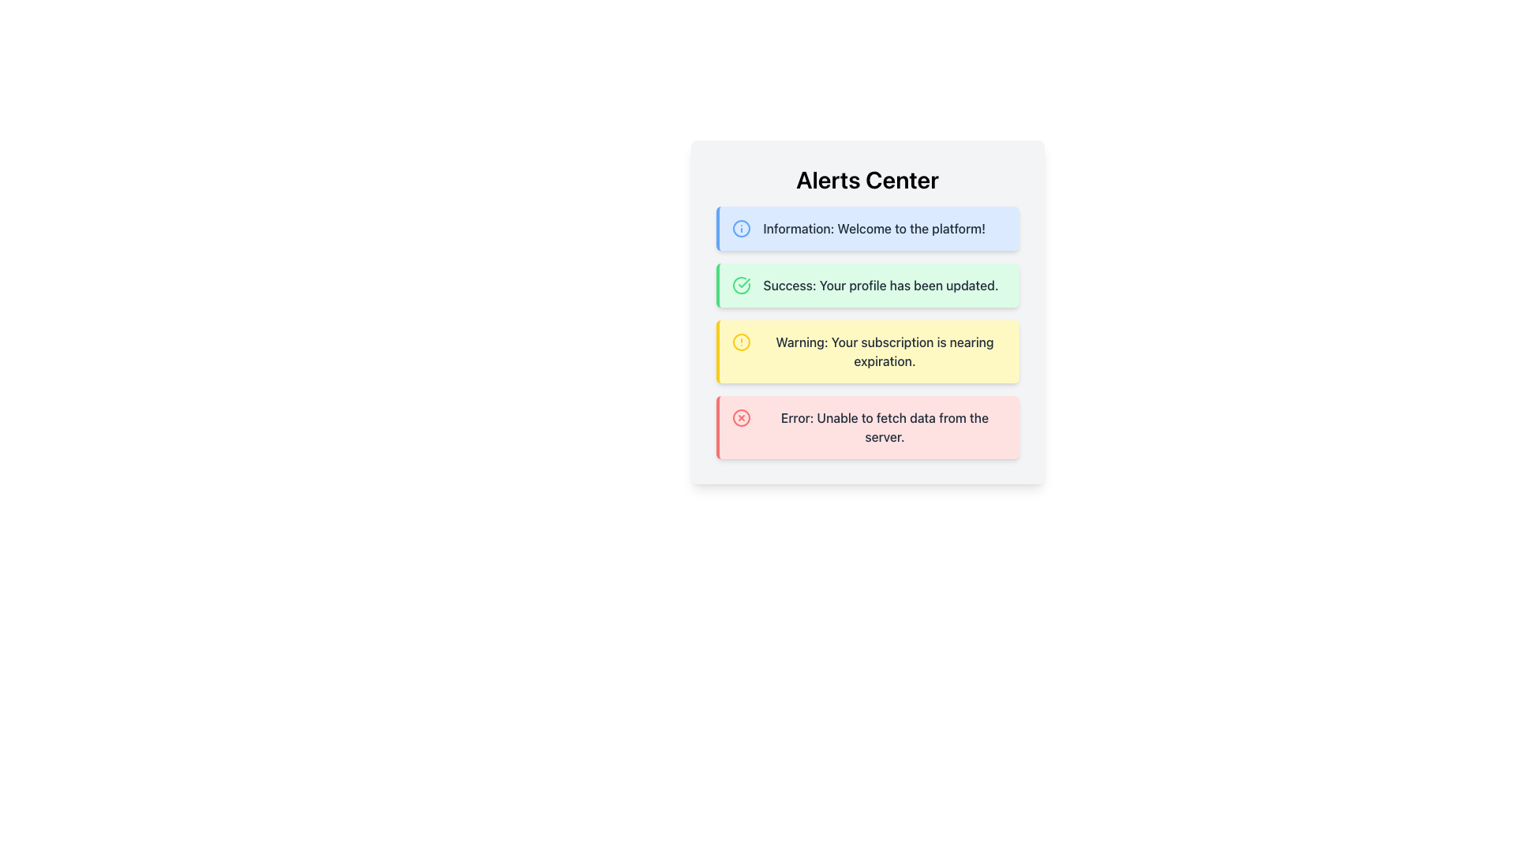 The image size is (1515, 852). I want to click on error message displayed in the text component of the alert box that states 'Error: Unable to fetch data from the server.', so click(885, 428).